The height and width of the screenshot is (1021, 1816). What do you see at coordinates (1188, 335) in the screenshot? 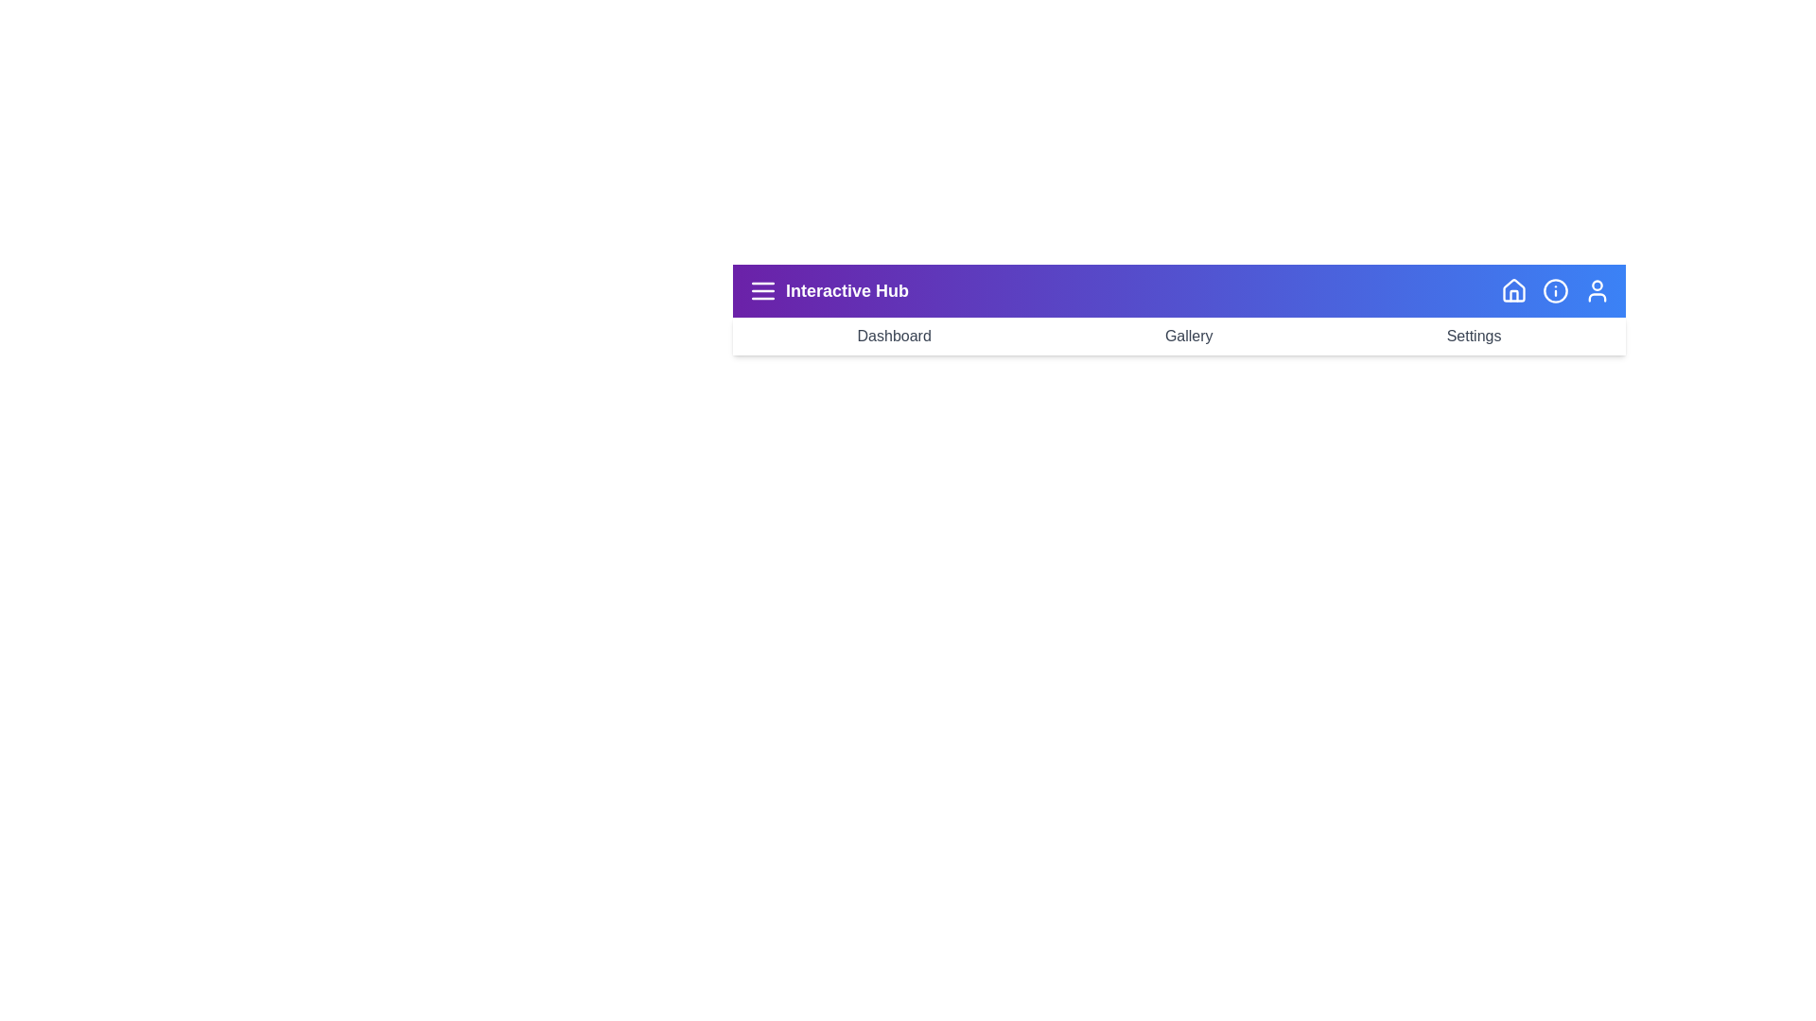
I see `the navigation button labeled Gallery to navigate to the corresponding page` at bounding box center [1188, 335].